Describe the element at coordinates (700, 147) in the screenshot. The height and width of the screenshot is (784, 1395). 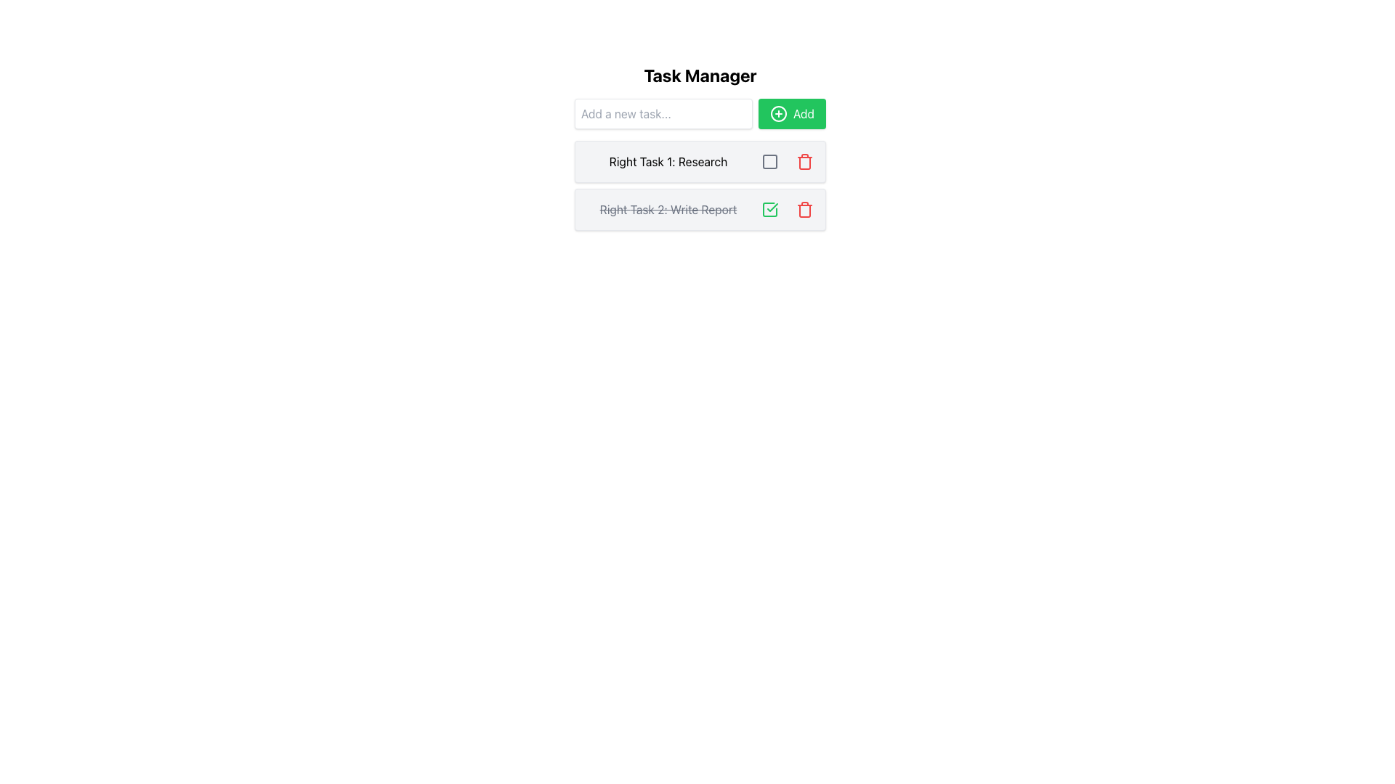
I see `the first task list item in the task manager interface, which includes options to mark as completed or delete the task` at that location.